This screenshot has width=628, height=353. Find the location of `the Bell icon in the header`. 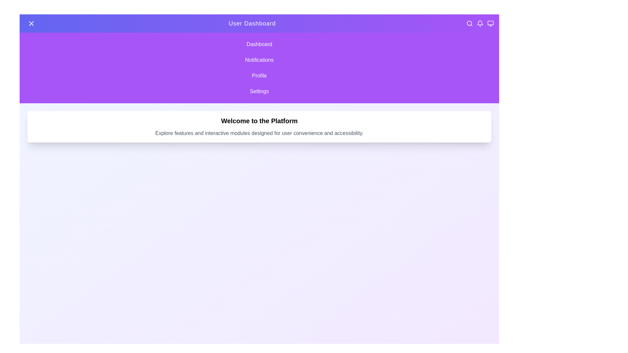

the Bell icon in the header is located at coordinates (480, 23).